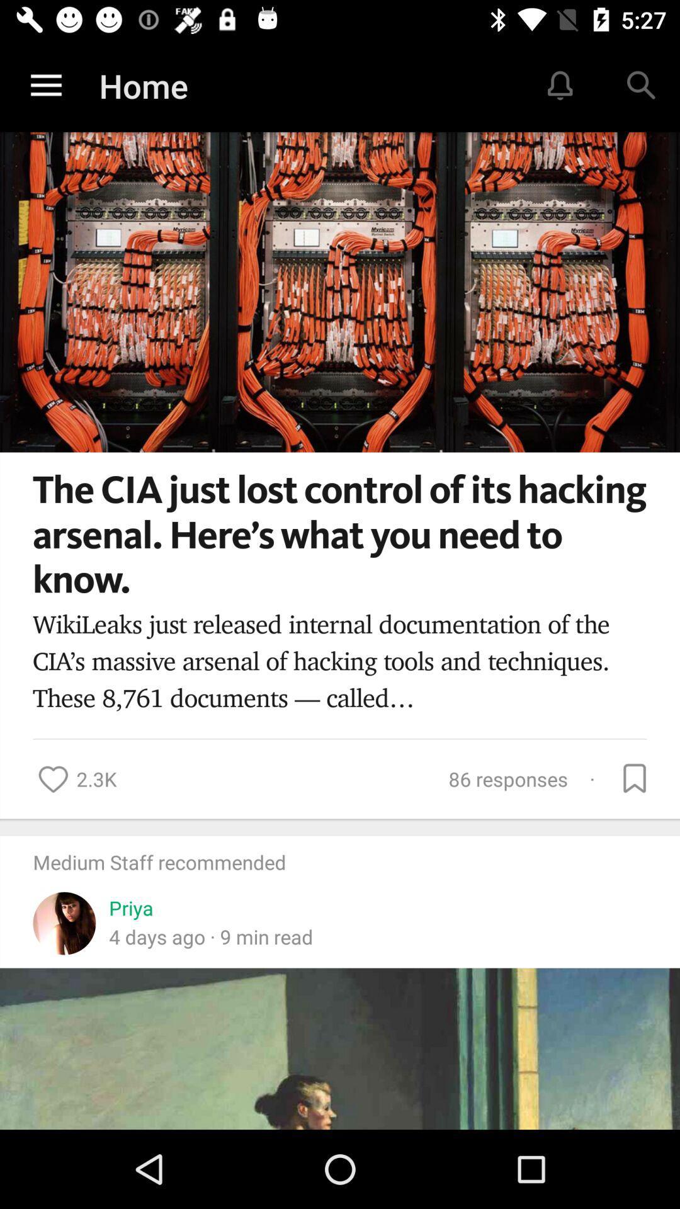 The height and width of the screenshot is (1209, 680). Describe the element at coordinates (640, 86) in the screenshot. I see `icon below 527` at that location.